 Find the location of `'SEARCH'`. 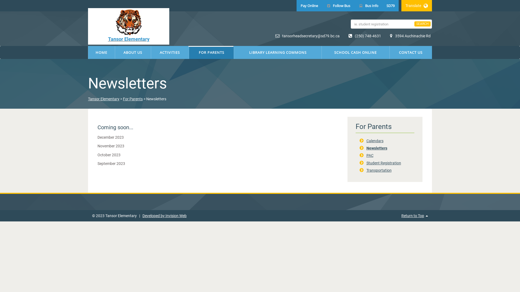

'SEARCH' is located at coordinates (422, 24).